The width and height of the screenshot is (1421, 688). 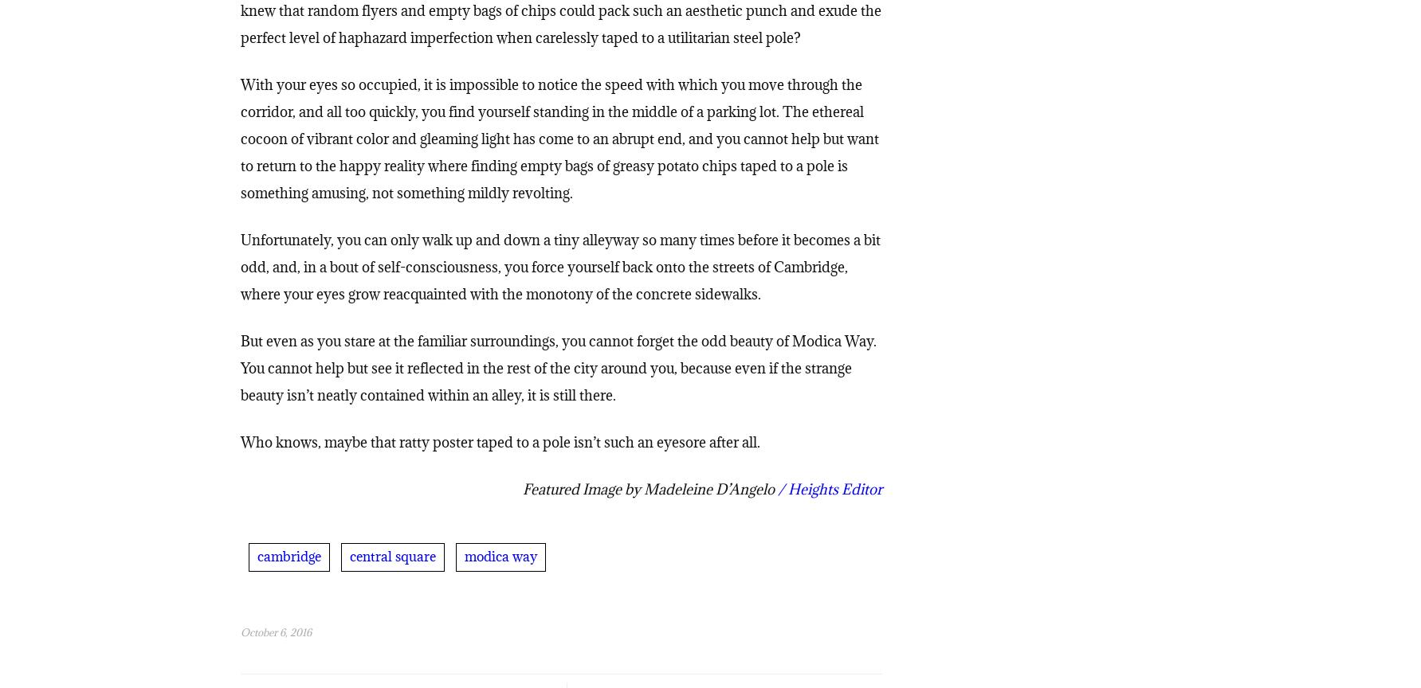 I want to click on 'But even as you stare at the familiar surroundings, you cannot forget the odd beauty of Modica Way. You cannot help but see it reflected in the rest of the city around you, because even if the strange beauty isn’t neatly contained within an alley, it is still there.', so click(x=557, y=371).